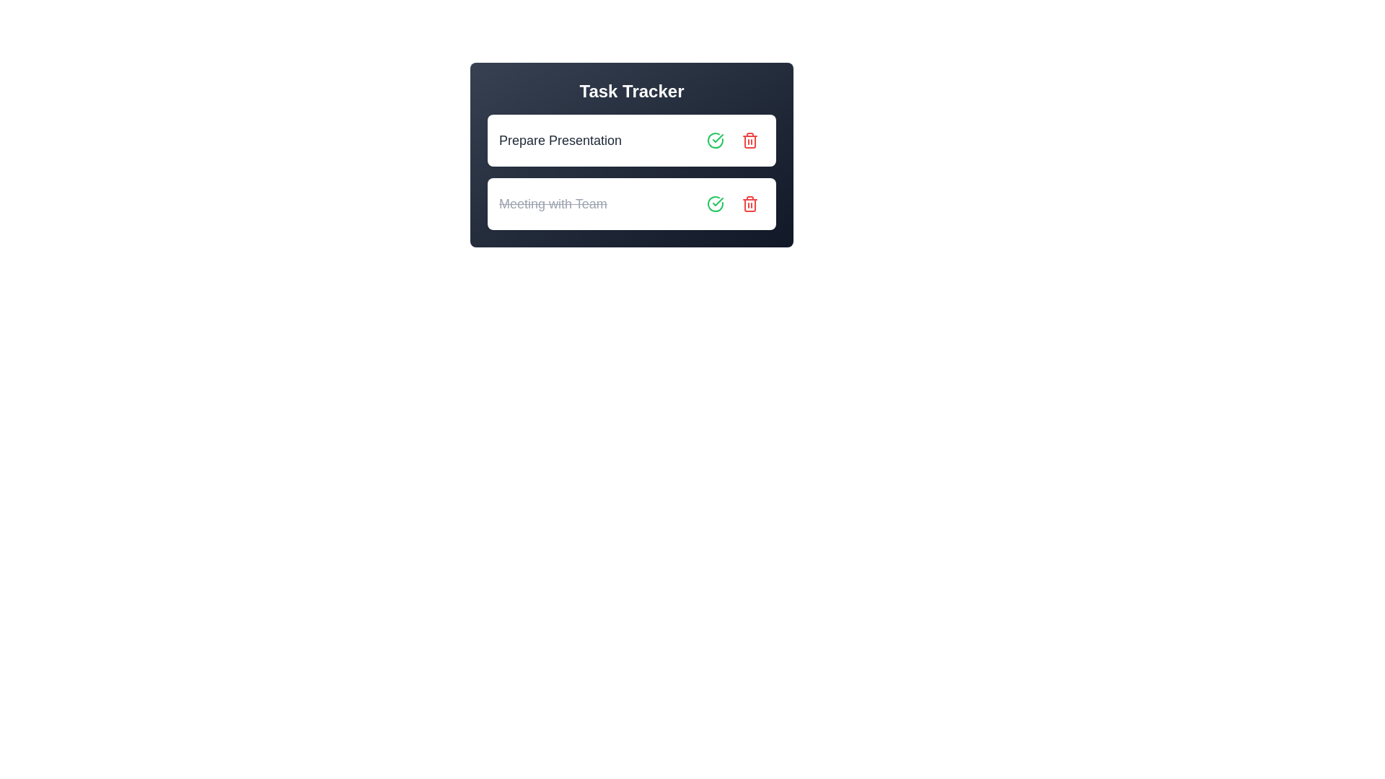  What do you see at coordinates (716, 203) in the screenshot?
I see `the completion status icon for the task 'Meeting with Team', which is the second icon in the task tracker interface` at bounding box center [716, 203].